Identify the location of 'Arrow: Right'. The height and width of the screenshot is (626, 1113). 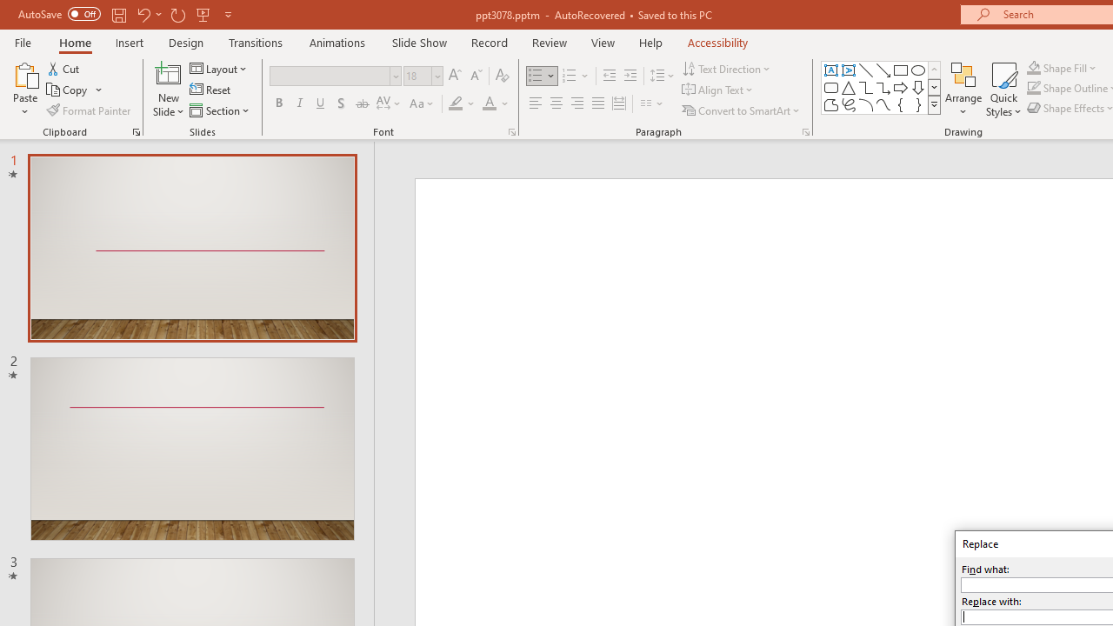
(901, 87).